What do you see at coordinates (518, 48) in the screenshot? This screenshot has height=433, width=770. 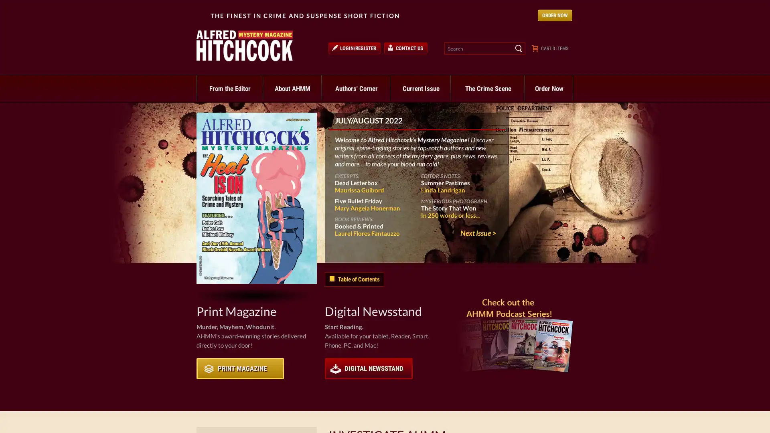 I see `Search` at bounding box center [518, 48].